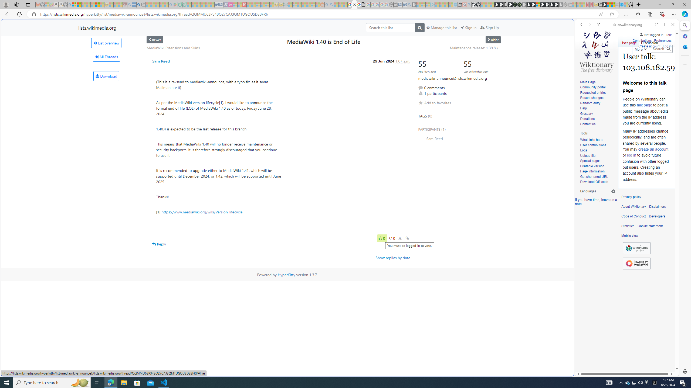  Describe the element at coordinates (593, 145) in the screenshot. I see `'User contributions'` at that location.